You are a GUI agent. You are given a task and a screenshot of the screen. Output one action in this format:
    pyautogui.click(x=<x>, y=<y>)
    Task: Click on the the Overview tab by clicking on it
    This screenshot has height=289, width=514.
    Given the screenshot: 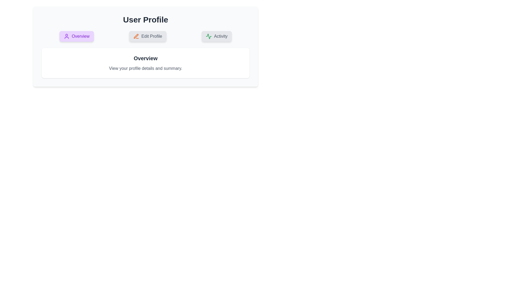 What is the action you would take?
    pyautogui.click(x=76, y=36)
    